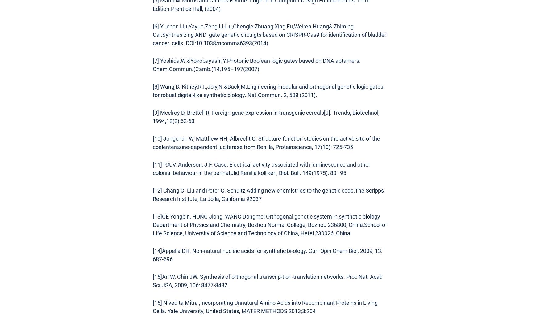 This screenshot has height=323, width=540. Describe the element at coordinates (266, 116) in the screenshot. I see `'[9] Mcelroy D, Brettell R. Foreign gene expression in transgenic cereals[J]. Trends, Biotechnol, 1994,12(2):62-68'` at that location.